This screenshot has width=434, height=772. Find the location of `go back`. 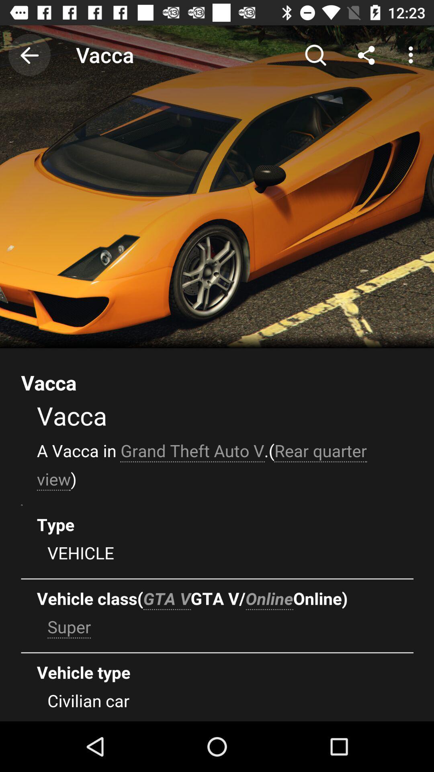

go back is located at coordinates (29, 54).